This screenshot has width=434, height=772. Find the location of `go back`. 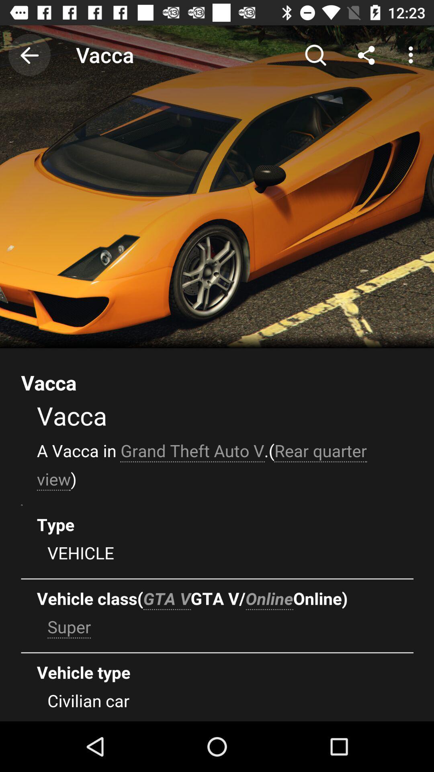

go back is located at coordinates (29, 54).